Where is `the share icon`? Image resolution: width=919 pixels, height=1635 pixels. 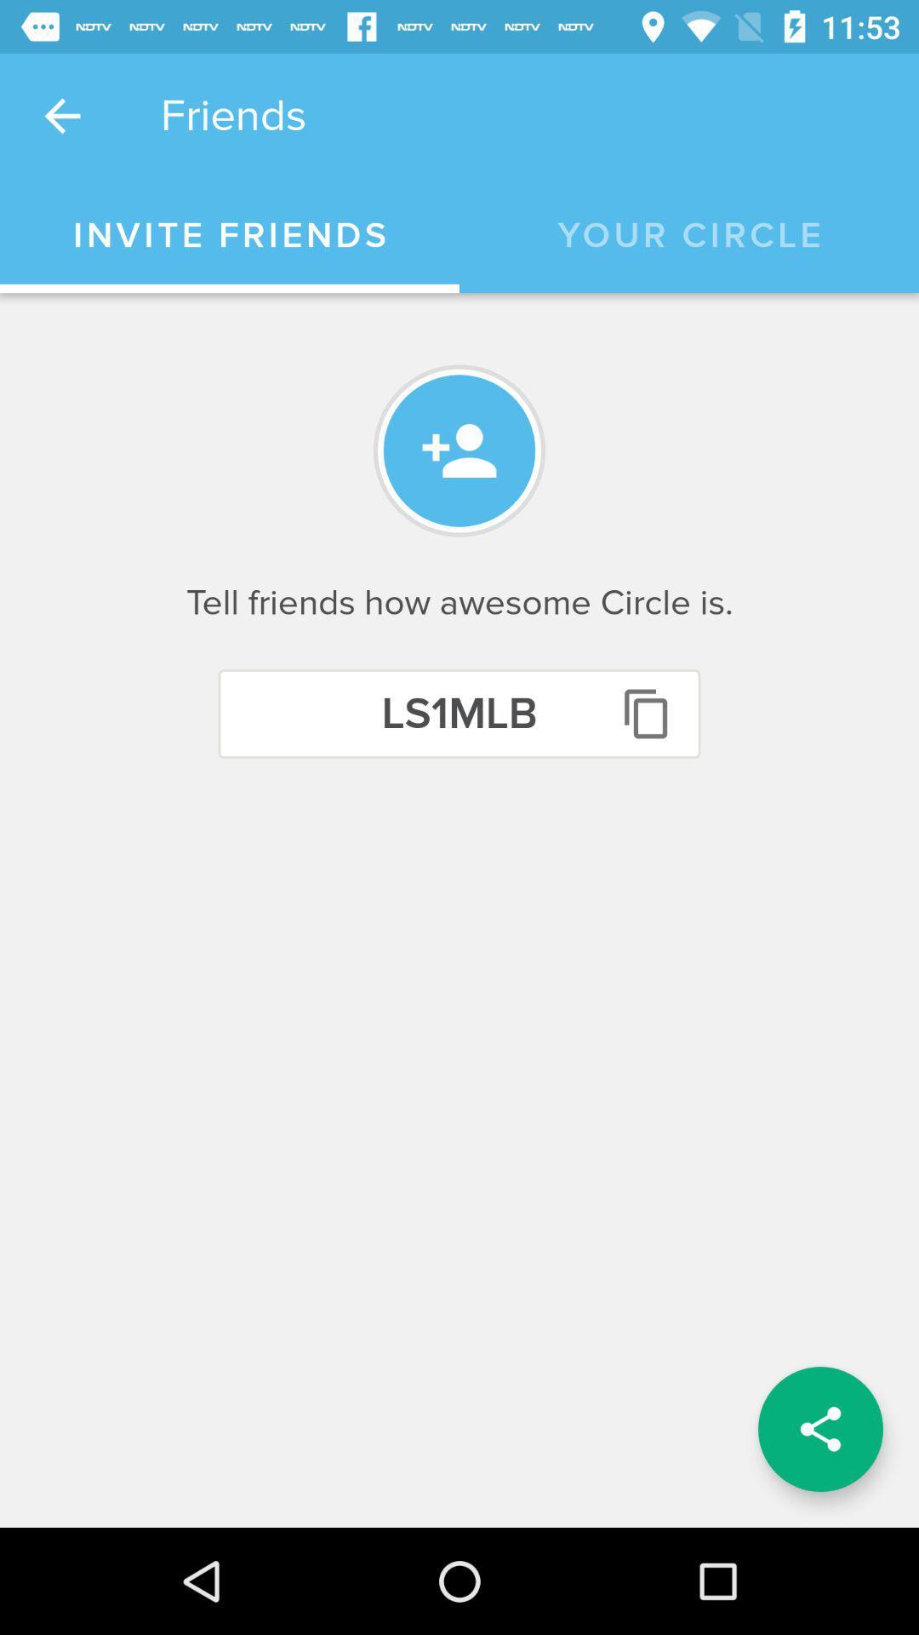
the share icon is located at coordinates (819, 1429).